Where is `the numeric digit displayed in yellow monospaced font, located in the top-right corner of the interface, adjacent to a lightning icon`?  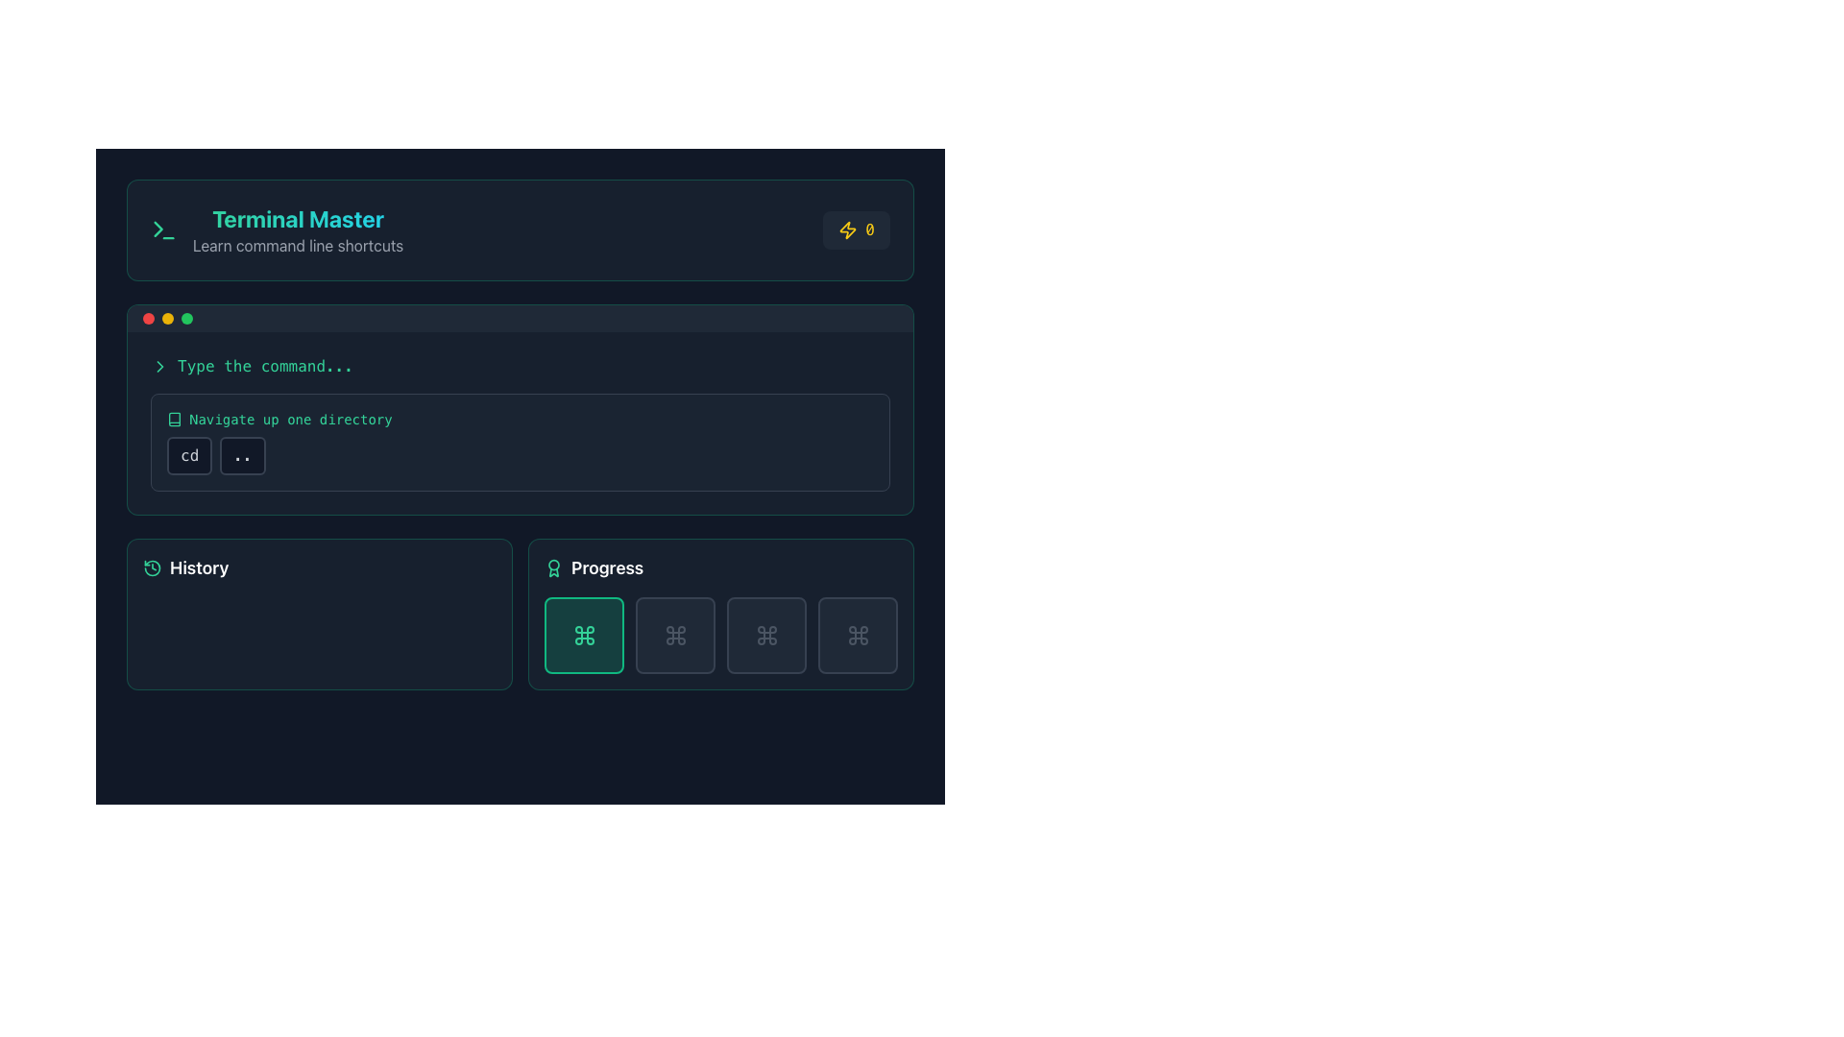 the numeric digit displayed in yellow monospaced font, located in the top-right corner of the interface, adjacent to a lightning icon is located at coordinates (869, 229).